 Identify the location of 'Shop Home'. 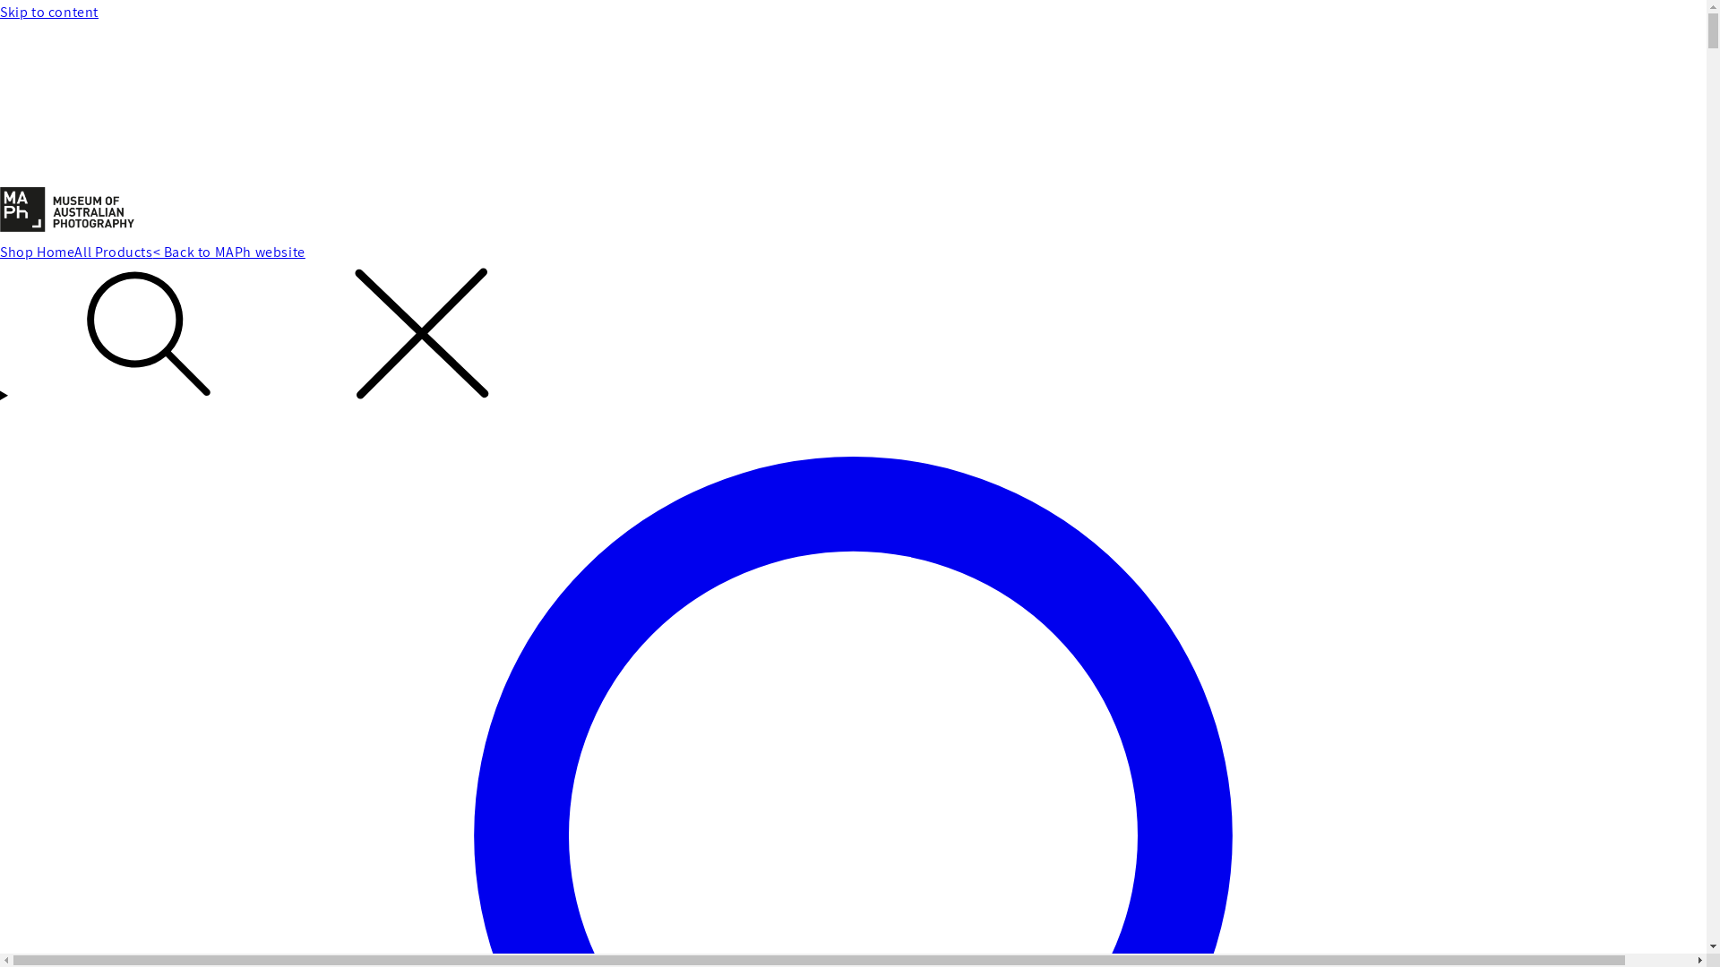
(37, 252).